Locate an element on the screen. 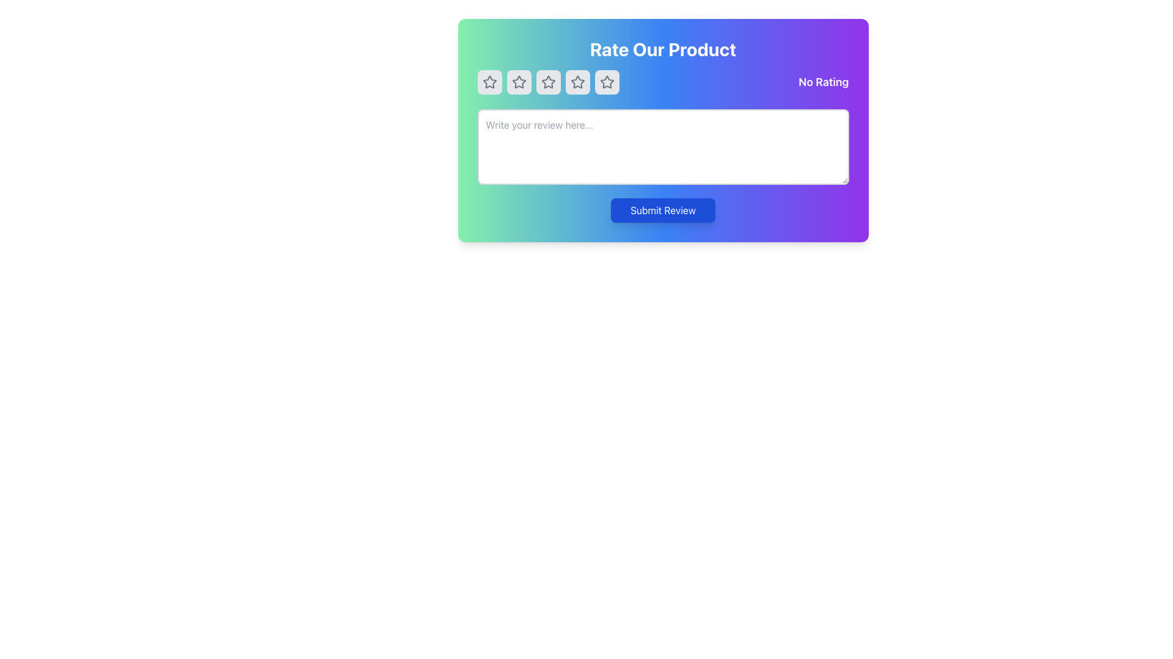 The width and height of the screenshot is (1173, 659). the inactive star icon representing the fifth star is located at coordinates (607, 82).